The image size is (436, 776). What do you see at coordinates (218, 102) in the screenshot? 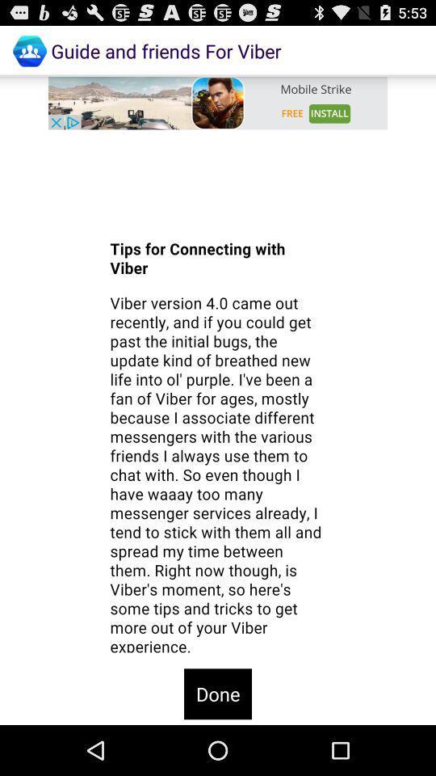
I see `advertisement page` at bounding box center [218, 102].